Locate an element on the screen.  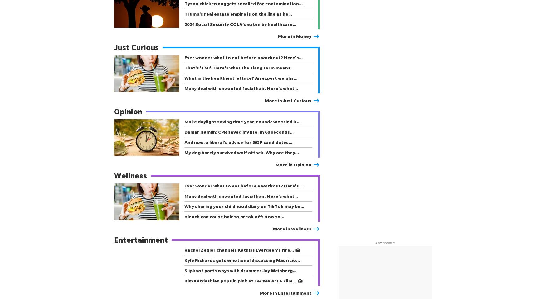
'My dog barely survived wolf attack. Why are they…' is located at coordinates (184, 152).